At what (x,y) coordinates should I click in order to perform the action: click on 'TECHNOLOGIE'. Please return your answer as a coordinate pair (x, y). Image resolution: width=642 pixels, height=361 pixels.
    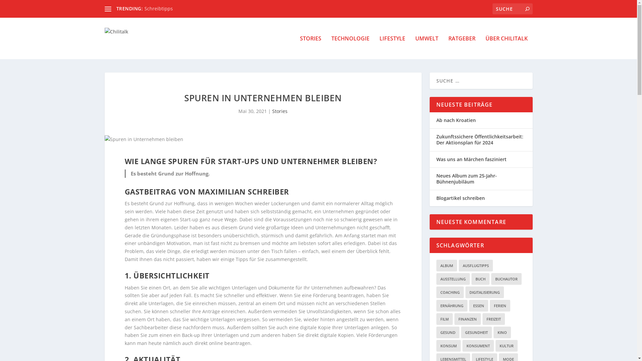
    Looking at the image, I should click on (349, 47).